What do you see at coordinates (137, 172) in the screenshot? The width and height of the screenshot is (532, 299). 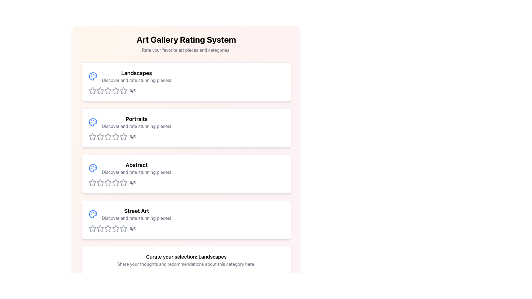 I see `text element displaying 'Discover and rate stunning pieces!' located below the 'Abstract' title in the third card of a vertically stacked list` at bounding box center [137, 172].